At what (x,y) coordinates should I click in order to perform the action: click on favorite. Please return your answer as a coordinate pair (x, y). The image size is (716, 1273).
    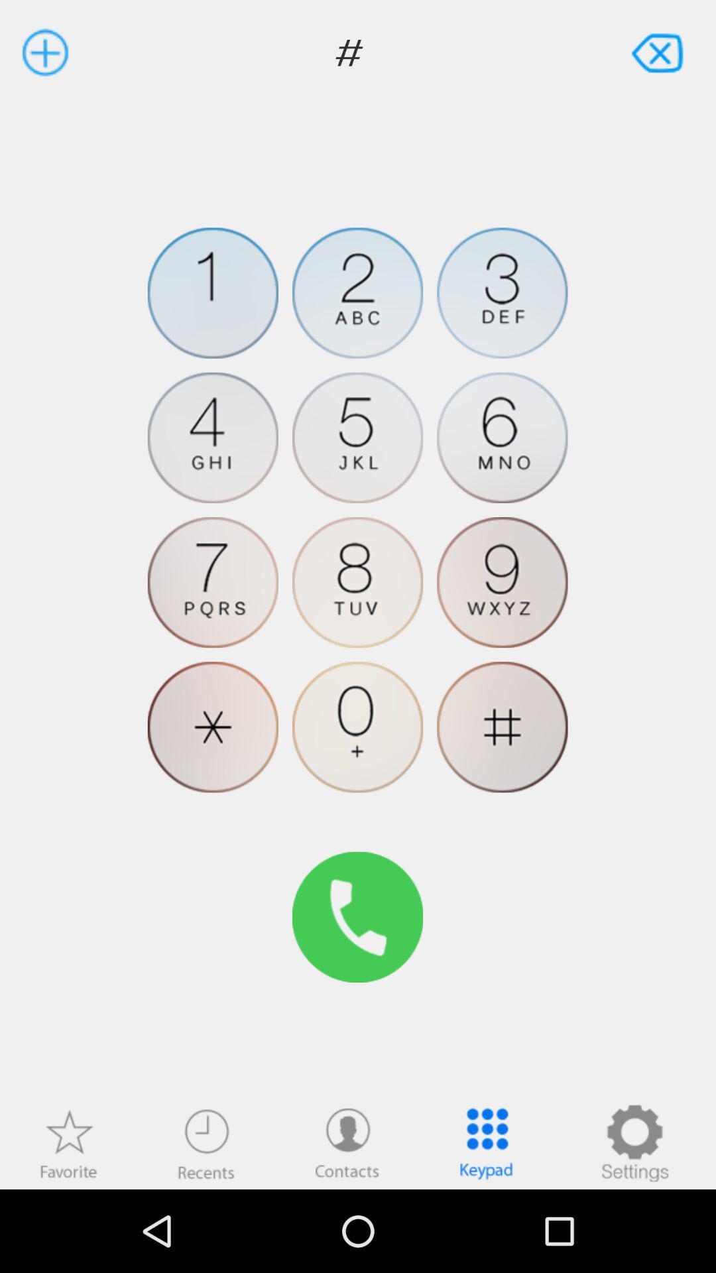
    Looking at the image, I should click on (68, 1142).